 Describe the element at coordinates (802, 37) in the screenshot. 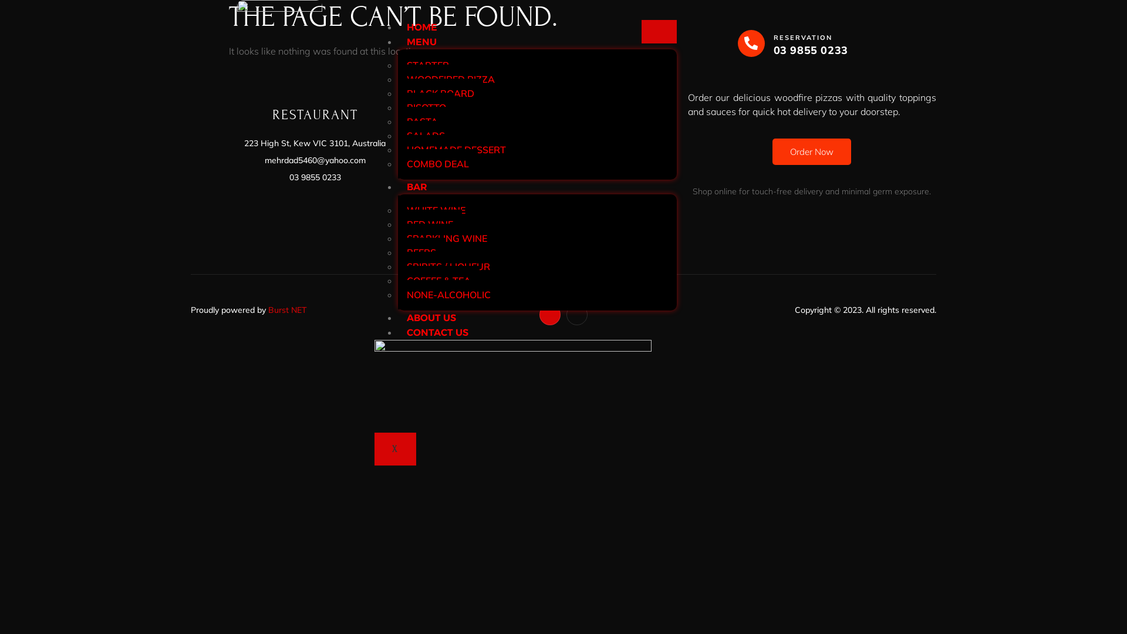

I see `'RESERVATION'` at that location.